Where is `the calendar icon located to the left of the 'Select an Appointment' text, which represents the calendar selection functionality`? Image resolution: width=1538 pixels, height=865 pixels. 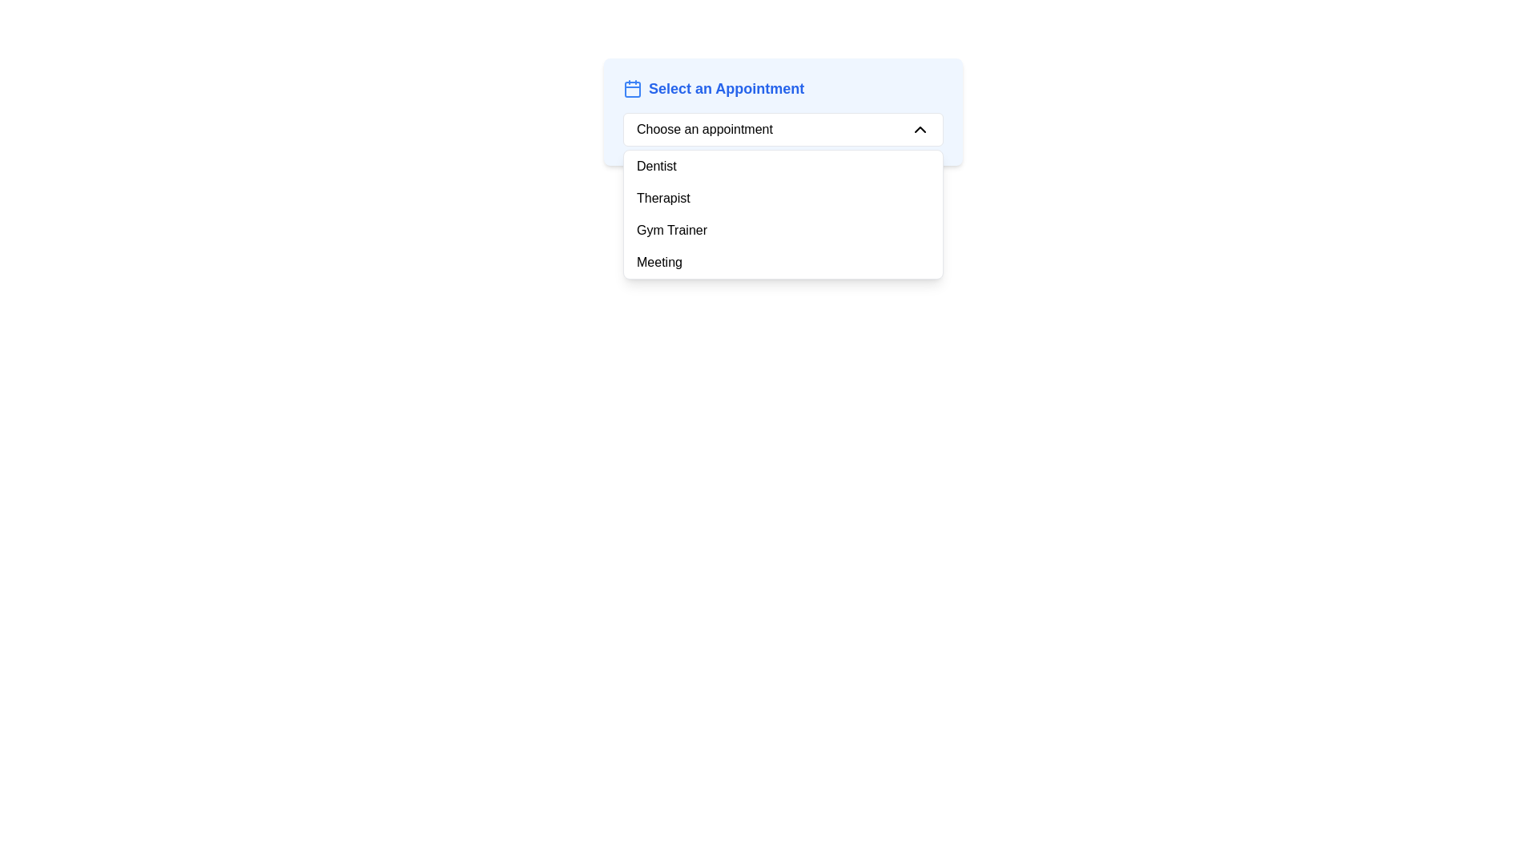
the calendar icon located to the left of the 'Select an Appointment' text, which represents the calendar selection functionality is located at coordinates (632, 89).